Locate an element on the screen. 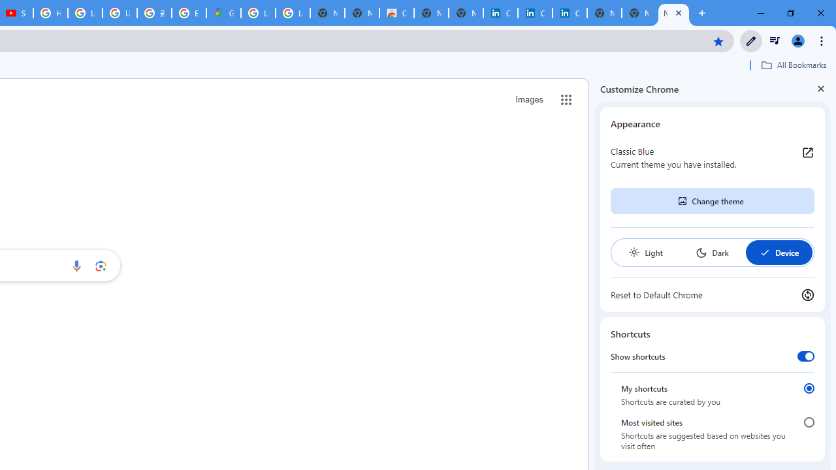  'Device' is located at coordinates (779, 253).